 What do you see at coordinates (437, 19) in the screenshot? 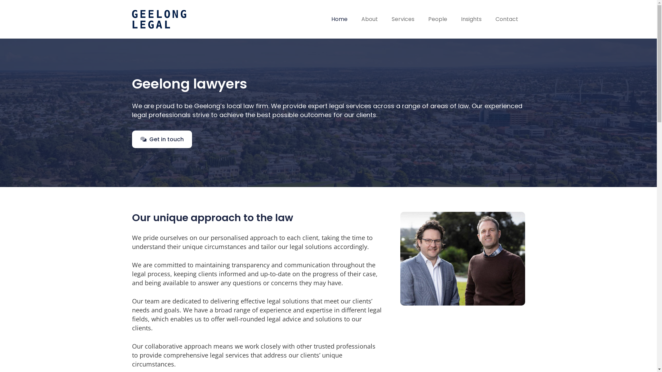
I see `'People'` at bounding box center [437, 19].